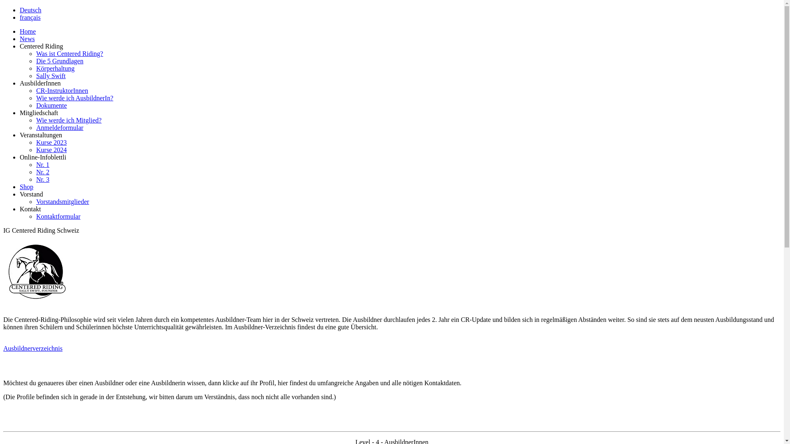 The height and width of the screenshot is (444, 790). What do you see at coordinates (35, 216) in the screenshot?
I see `'Kontaktformular'` at bounding box center [35, 216].